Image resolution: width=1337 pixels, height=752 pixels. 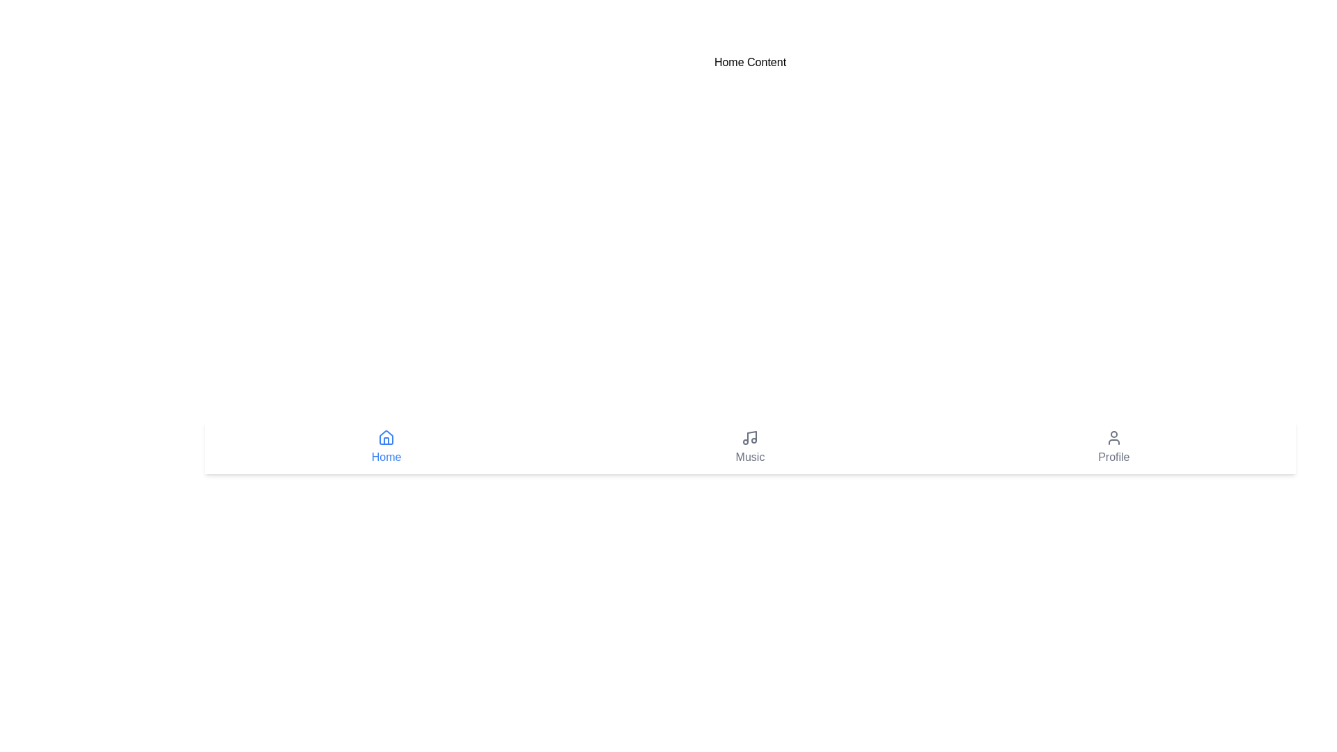 What do you see at coordinates (1113, 448) in the screenshot?
I see `the Navigation Button located at the far-right of the navigation bar` at bounding box center [1113, 448].